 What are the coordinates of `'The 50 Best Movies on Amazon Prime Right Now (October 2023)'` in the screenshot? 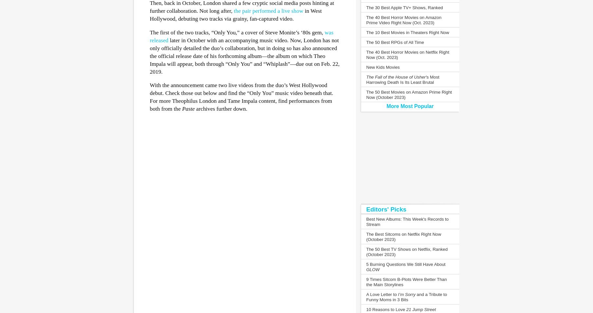 It's located at (409, 94).